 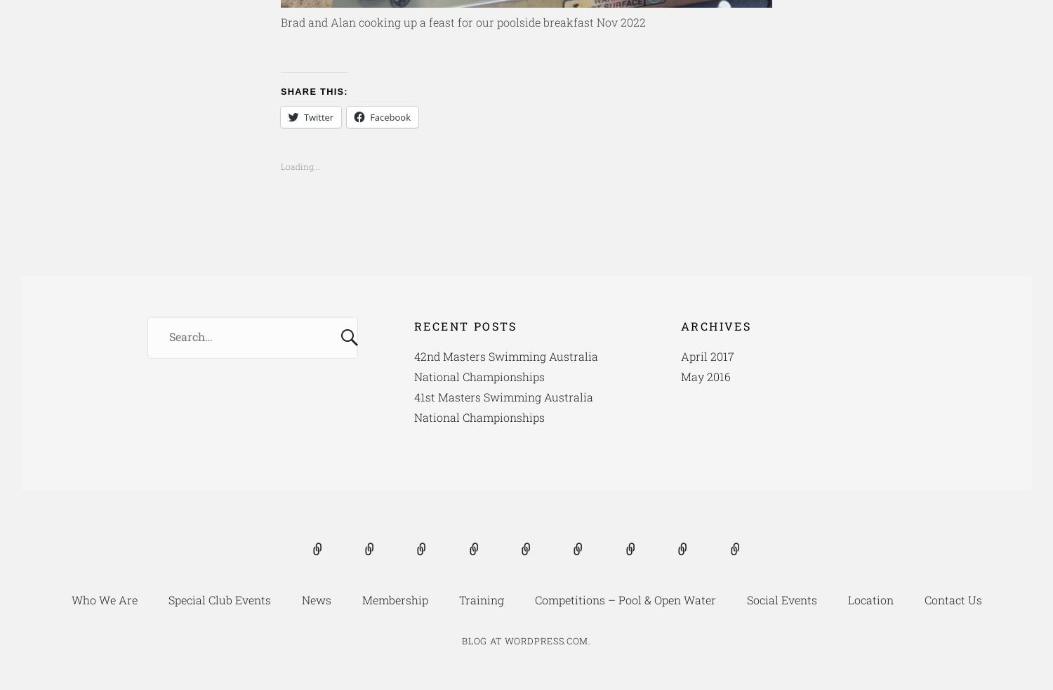 I want to click on 'Archives', so click(x=716, y=324).